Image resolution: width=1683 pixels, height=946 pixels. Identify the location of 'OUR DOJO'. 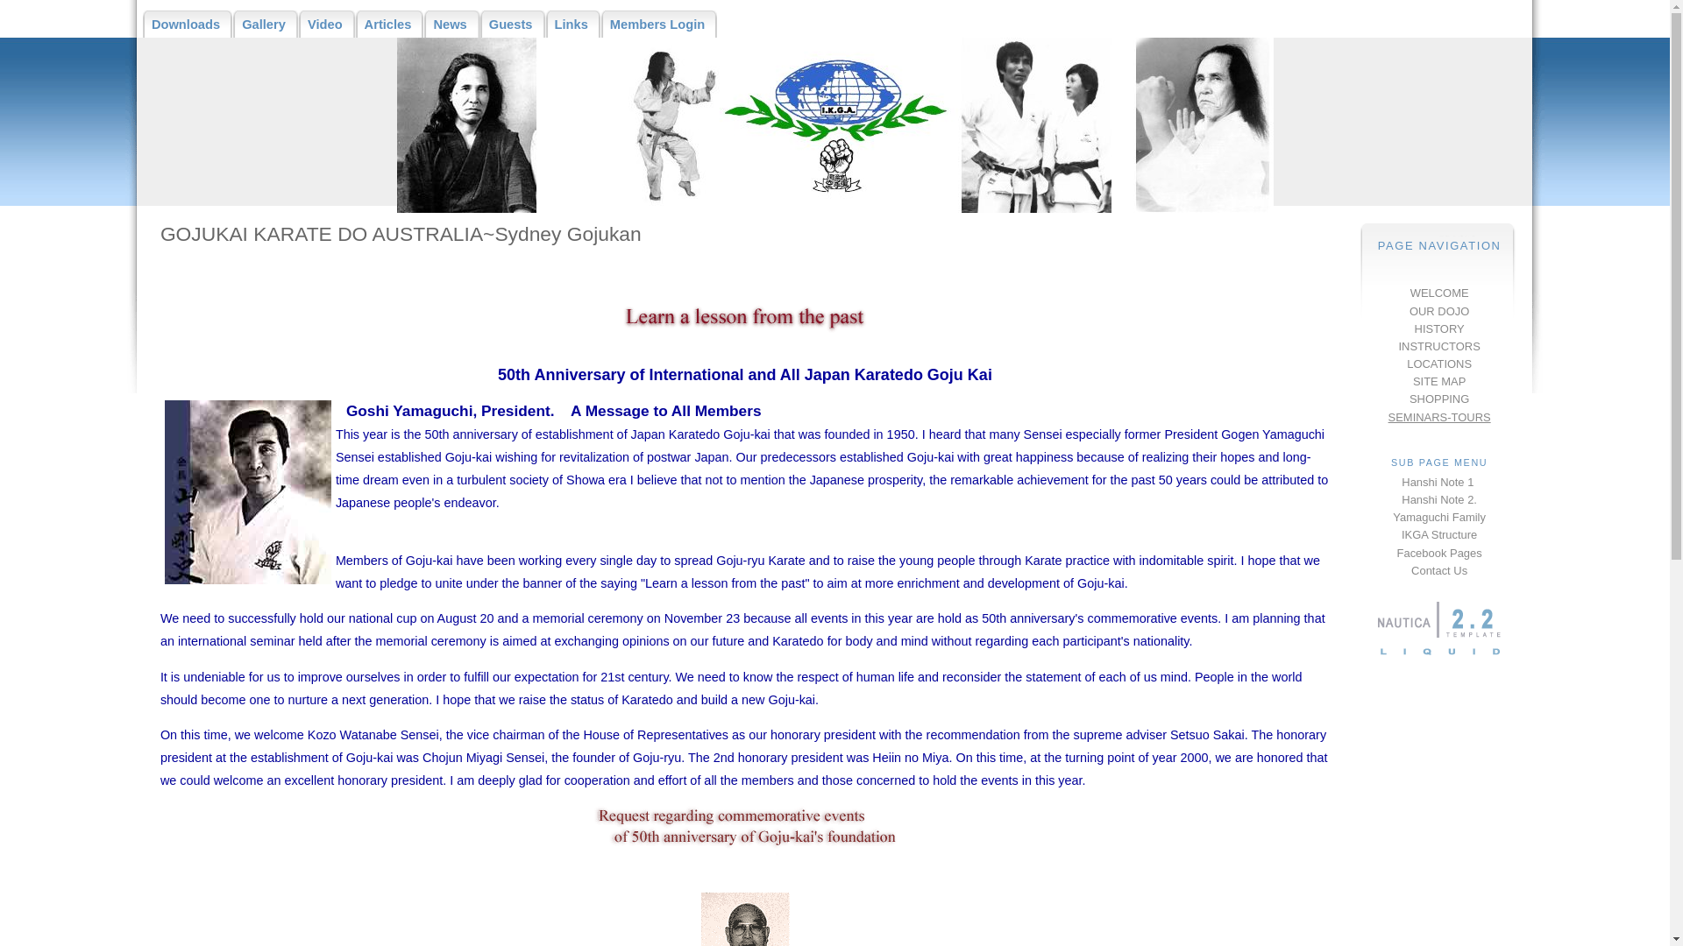
(1438, 310).